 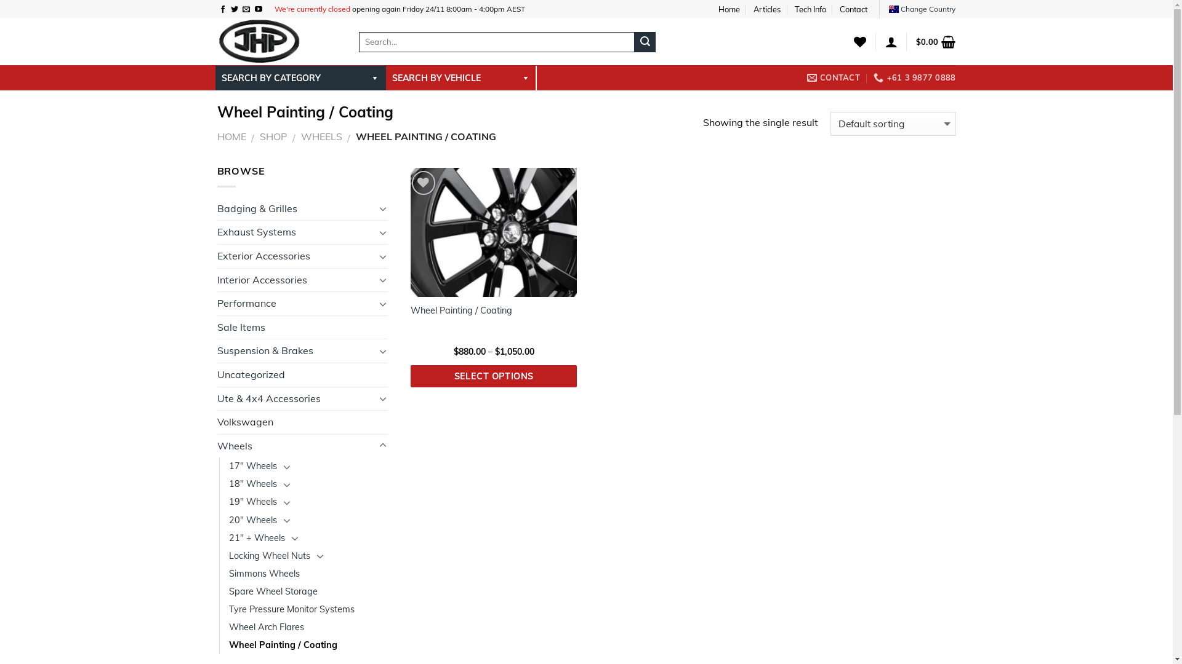 What do you see at coordinates (295, 303) in the screenshot?
I see `'Performance'` at bounding box center [295, 303].